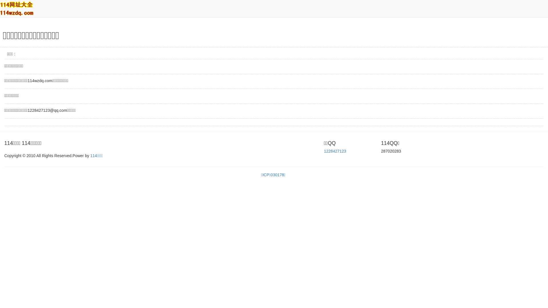 The width and height of the screenshot is (548, 308). Describe the element at coordinates (335, 151) in the screenshot. I see `'1228427123'` at that location.